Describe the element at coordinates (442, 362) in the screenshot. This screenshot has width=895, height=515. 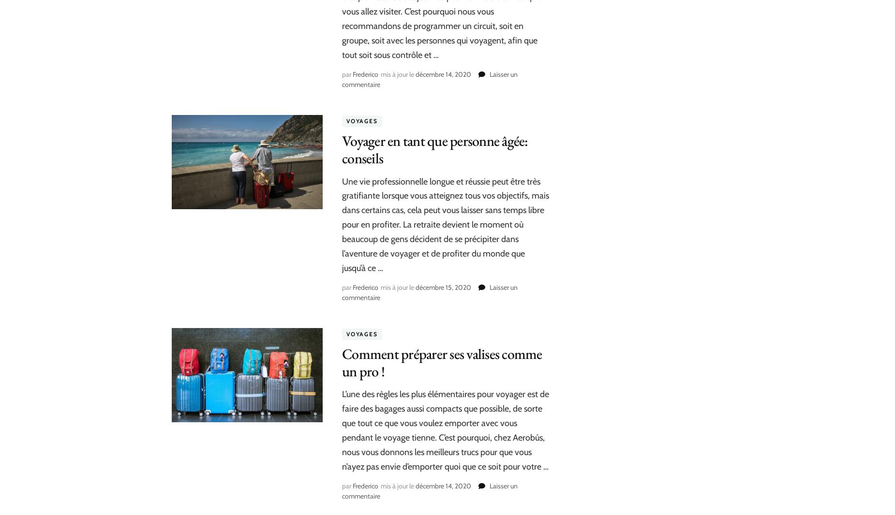
I see `'Comment préparer ses valises comme un pro !'` at that location.